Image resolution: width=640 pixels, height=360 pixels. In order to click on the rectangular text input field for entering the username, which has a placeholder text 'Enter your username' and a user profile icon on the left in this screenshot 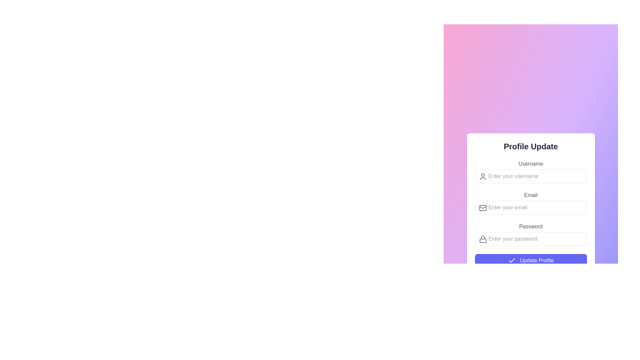, I will do `click(530, 176)`.